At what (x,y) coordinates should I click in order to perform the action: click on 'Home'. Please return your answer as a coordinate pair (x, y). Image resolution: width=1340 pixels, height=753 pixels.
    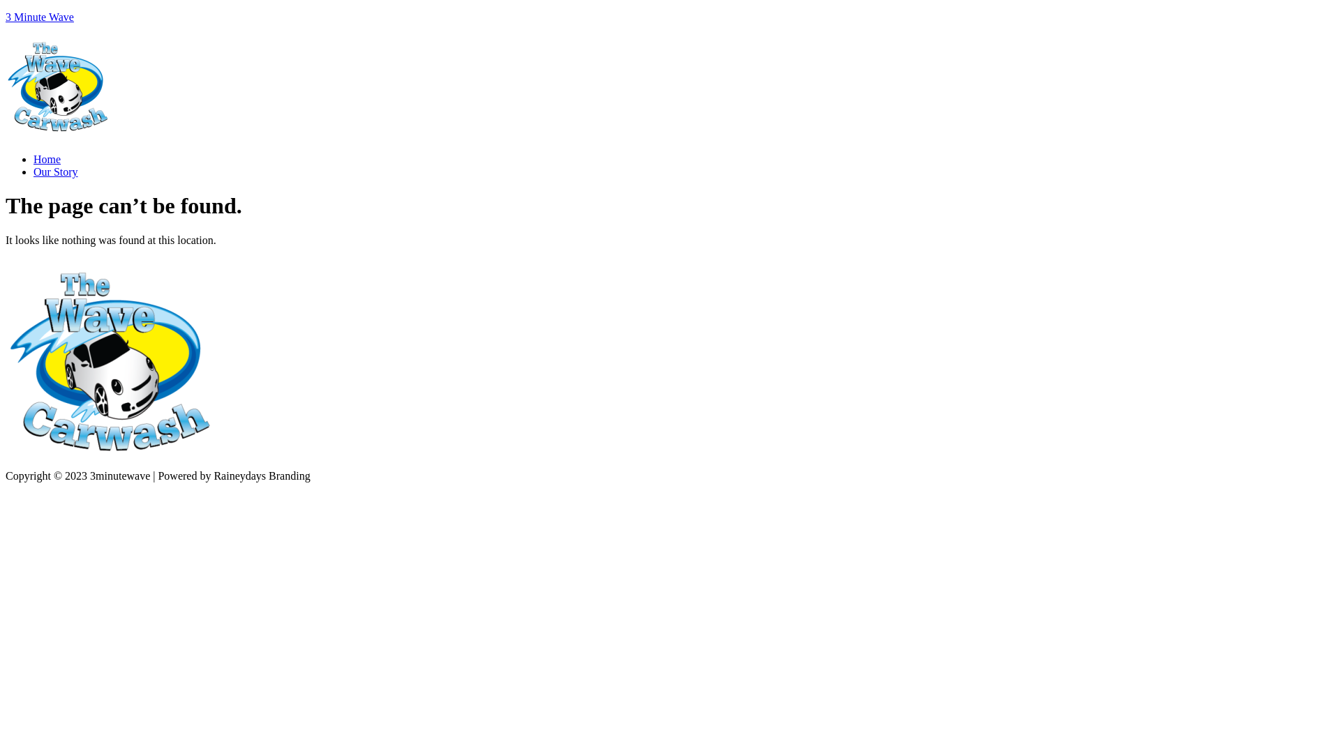
    Looking at the image, I should click on (47, 158).